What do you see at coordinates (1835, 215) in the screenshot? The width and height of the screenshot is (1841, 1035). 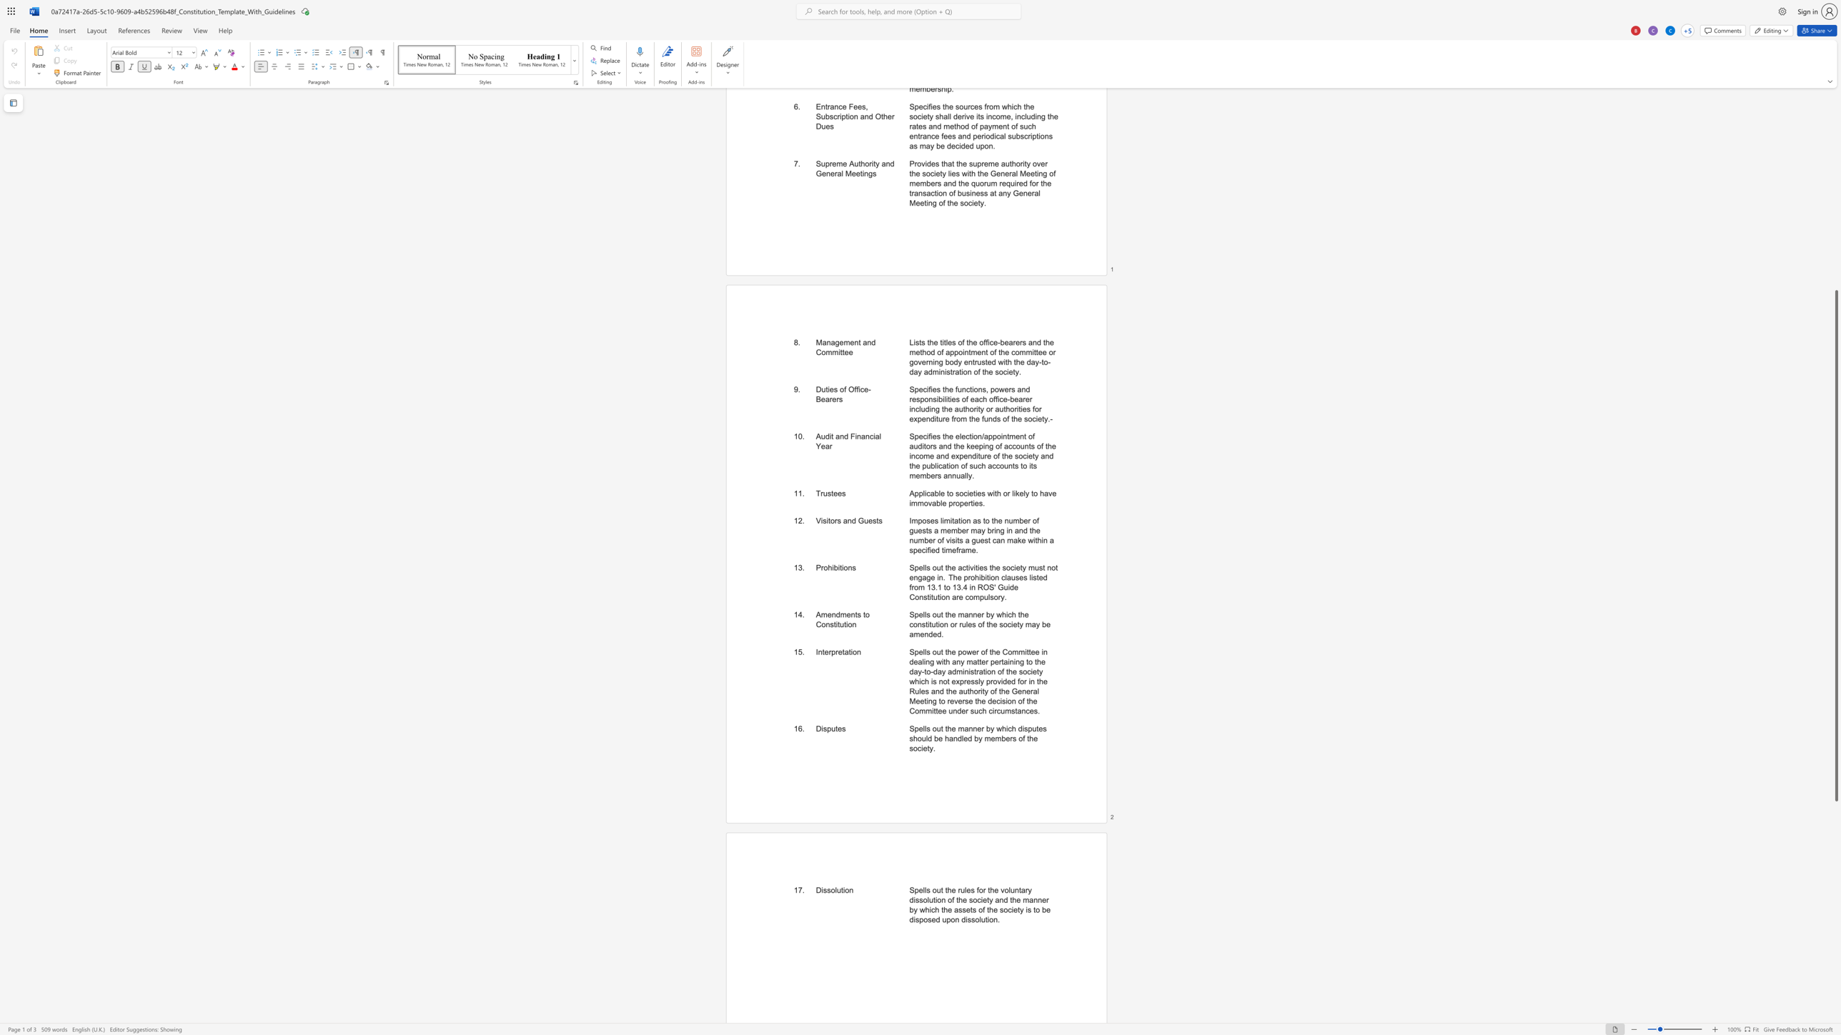 I see `the scrollbar on the right to shift the page higher` at bounding box center [1835, 215].